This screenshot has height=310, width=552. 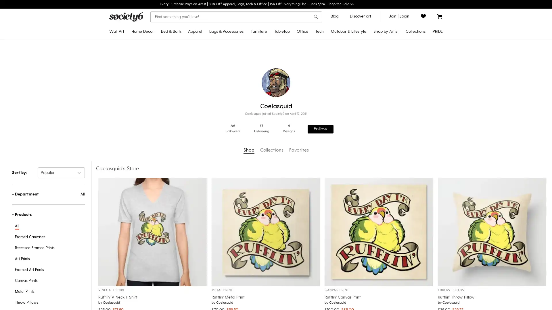 What do you see at coordinates (370, 92) in the screenshot?
I see `Discover LGBTQIA+ Artists` at bounding box center [370, 92].